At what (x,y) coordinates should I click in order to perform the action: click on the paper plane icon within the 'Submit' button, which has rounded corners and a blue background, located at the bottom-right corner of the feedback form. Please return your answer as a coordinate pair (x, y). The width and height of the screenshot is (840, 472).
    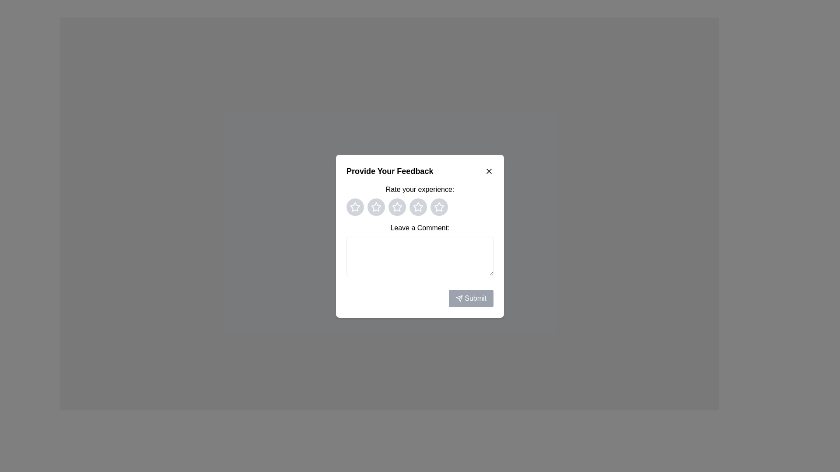
    Looking at the image, I should click on (459, 298).